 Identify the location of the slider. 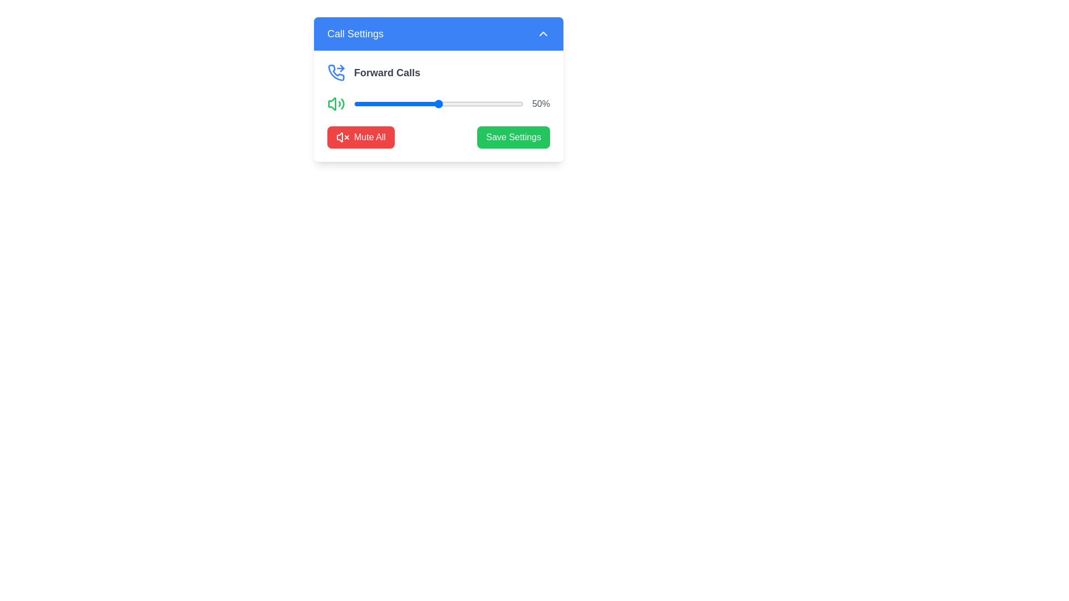
(418, 104).